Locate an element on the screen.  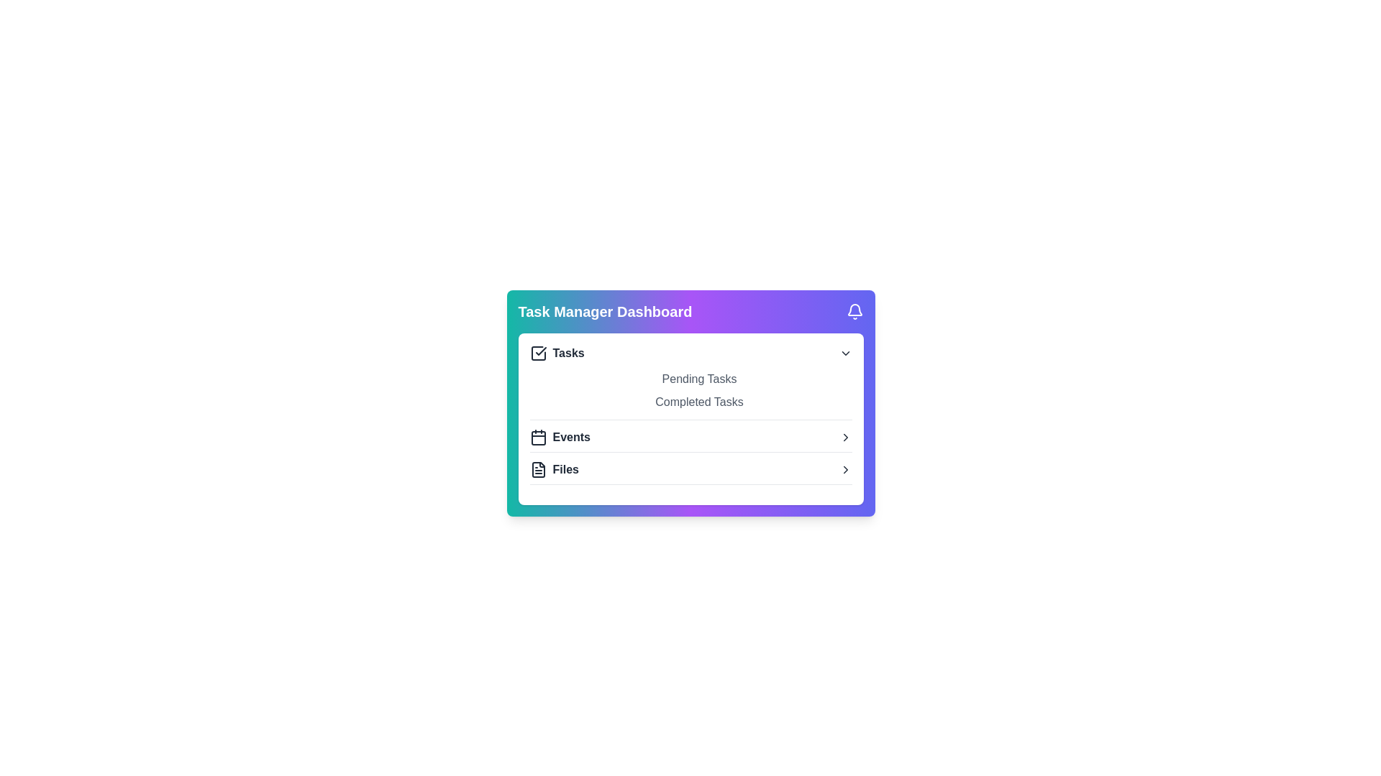
the 'Files' list item, which features a document icon and bold text, located below the 'Events' entry in the dashboard options is located at coordinates (553, 470).